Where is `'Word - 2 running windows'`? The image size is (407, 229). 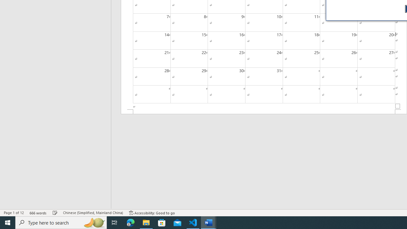 'Word - 2 running windows' is located at coordinates (209, 222).